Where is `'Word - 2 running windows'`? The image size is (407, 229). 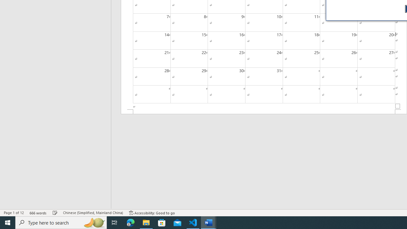 'Word - 2 running windows' is located at coordinates (209, 222).